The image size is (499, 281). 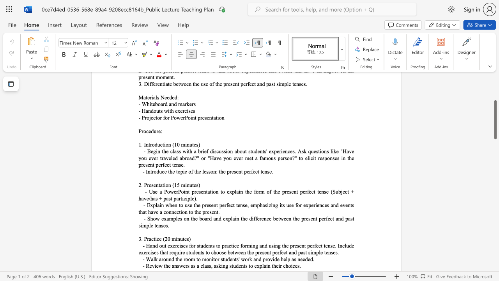 I want to click on the subset text "ts that have a connection to the" within the text "- Explain when to use the present perfect tense, emphasizing its use for experiences and events that have a connection to the present.", so click(x=350, y=205).